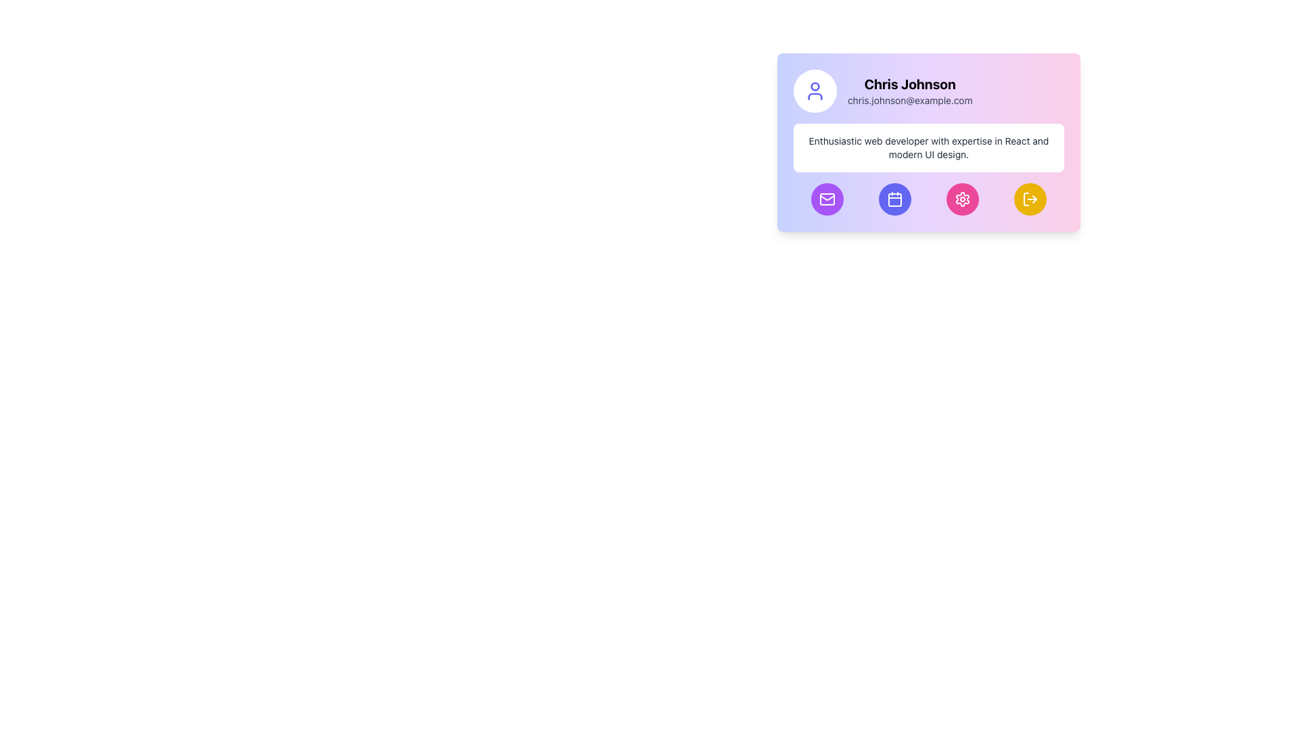 The width and height of the screenshot is (1299, 730). I want to click on the gear-shaped icon button, which has a pink background and a white outline, located at the bottom of the card displaying user 'Chris Johnson', so click(961, 199).